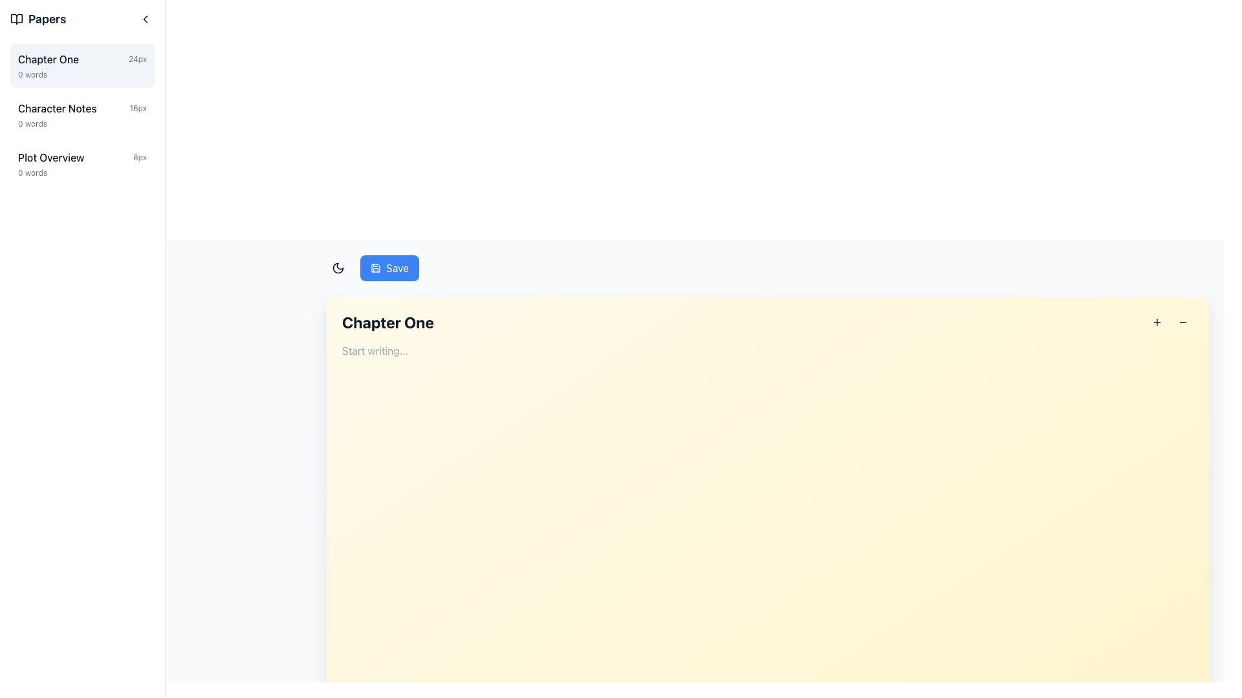  I want to click on the non-interactive text label that identifies 'Chapter One', located near the top of the left sidebar, so click(49, 59).